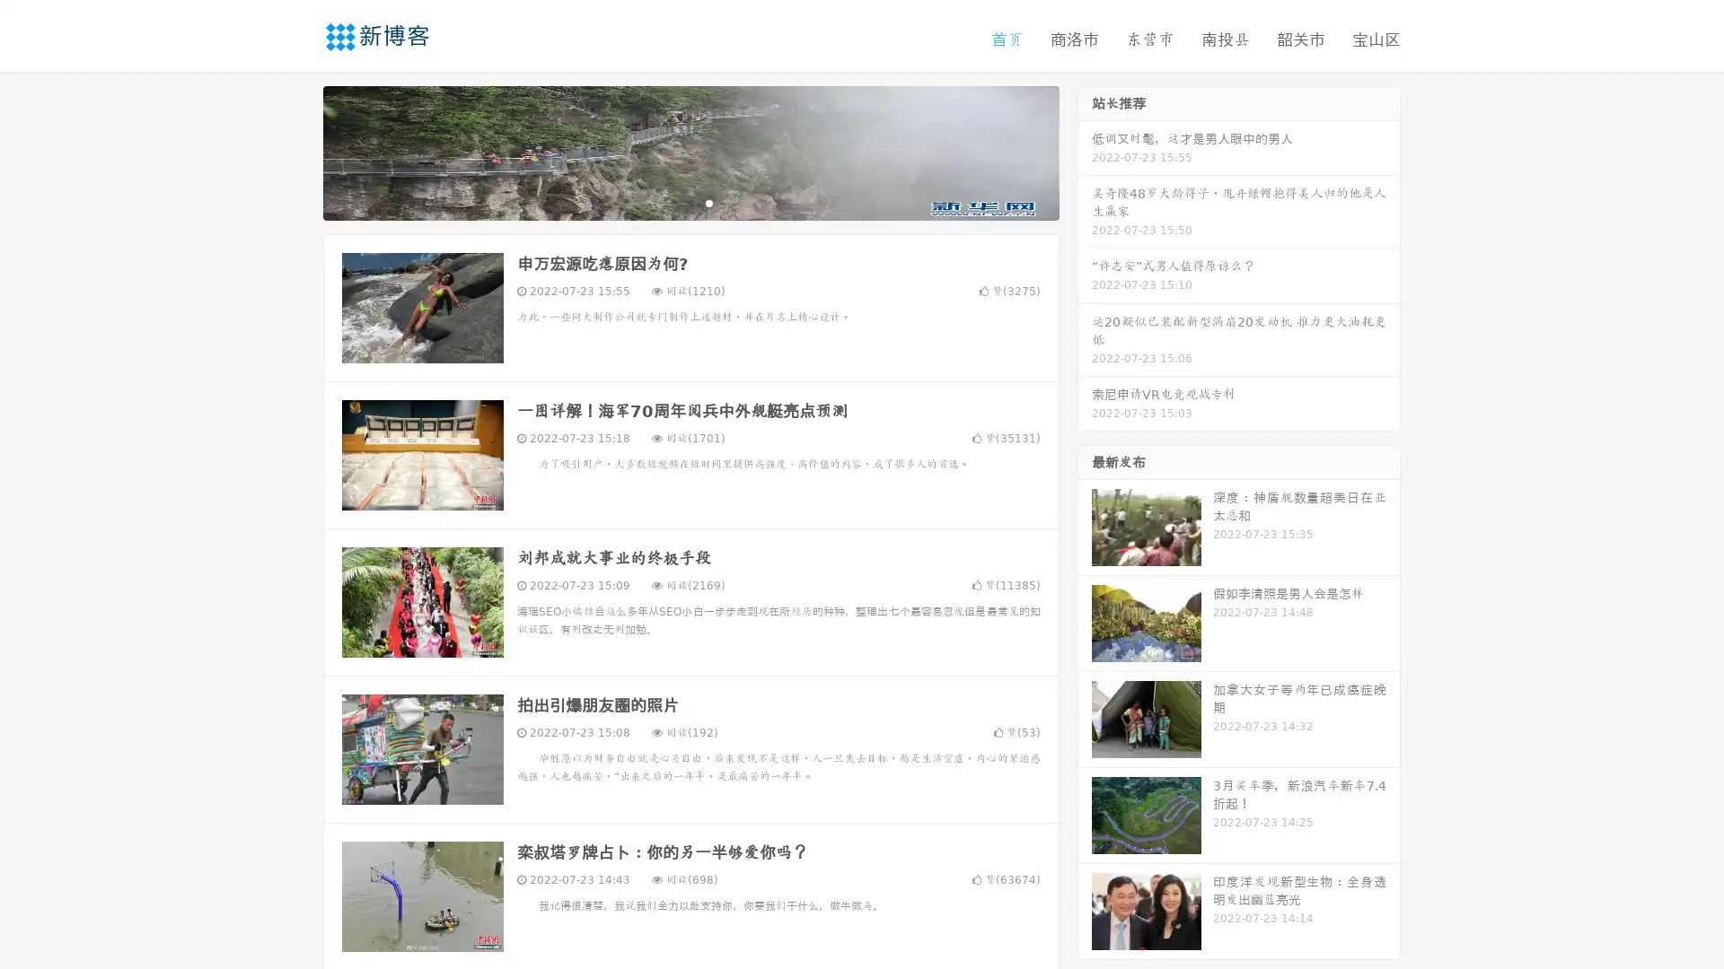 The width and height of the screenshot is (1724, 969). What do you see at coordinates (296, 151) in the screenshot?
I see `Previous slide` at bounding box center [296, 151].